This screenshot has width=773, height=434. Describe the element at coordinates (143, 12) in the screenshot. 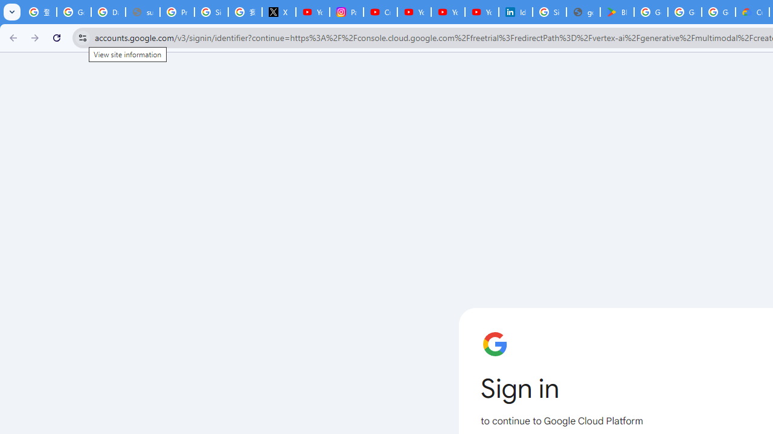

I see `'support.google.com - Network error'` at that location.